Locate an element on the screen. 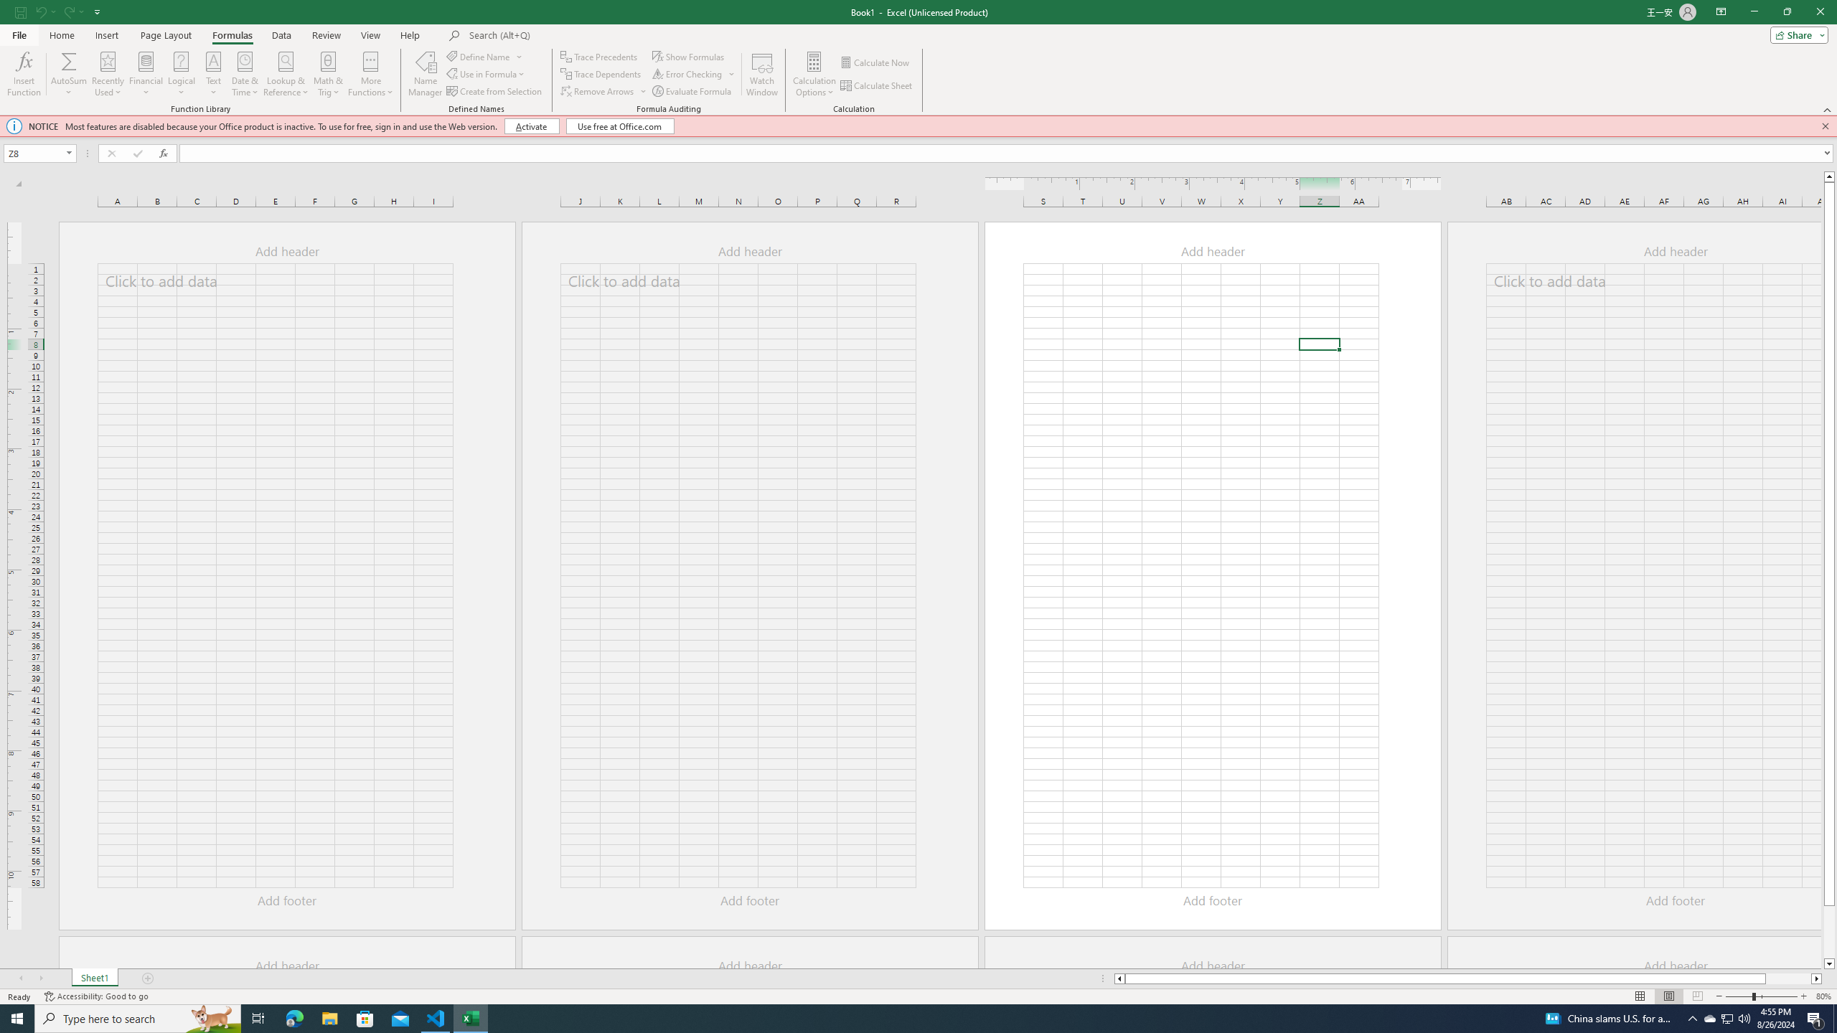  'Math & Trig' is located at coordinates (328, 74).